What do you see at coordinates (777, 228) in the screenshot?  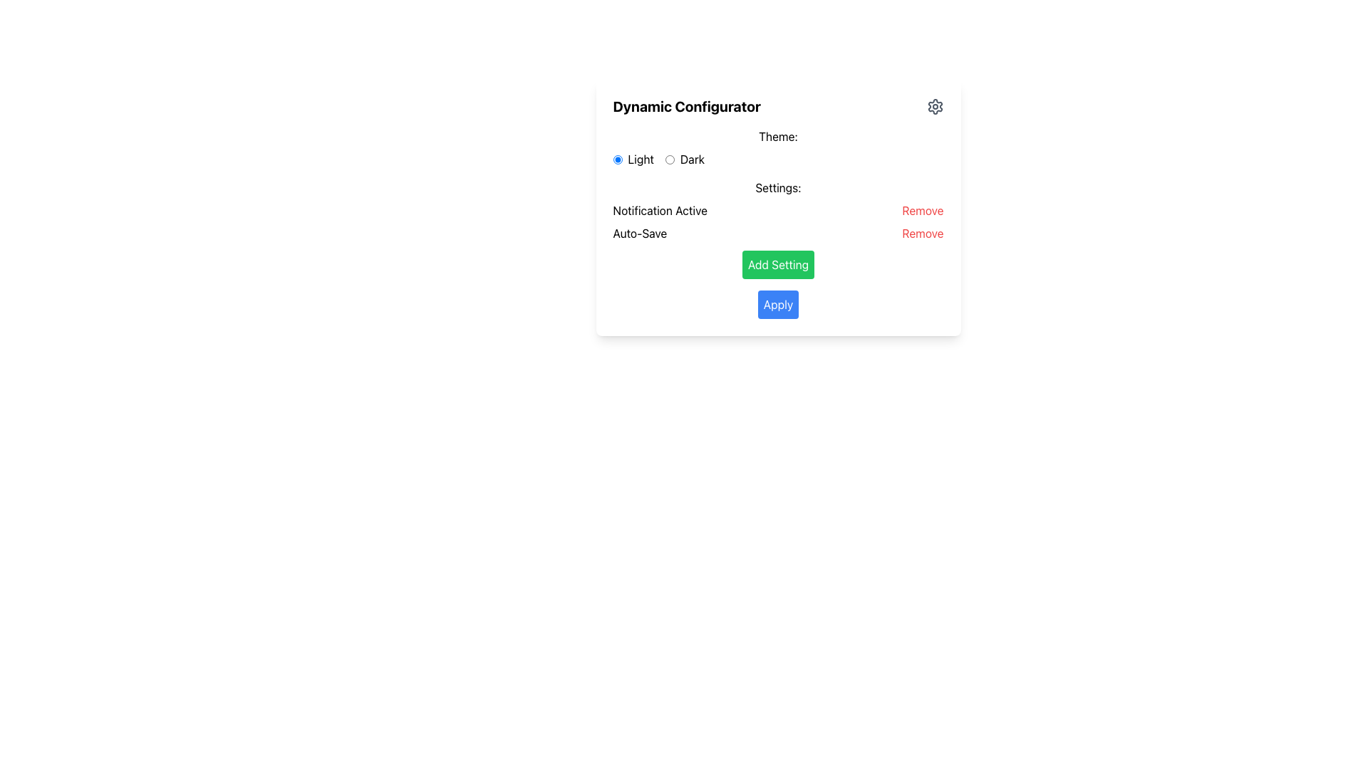 I see `the 'Add Setting' button located in the Interactive settings management section, which is labeled 'Settings:' and positioned in the top-right quadrant of the main interface` at bounding box center [777, 228].